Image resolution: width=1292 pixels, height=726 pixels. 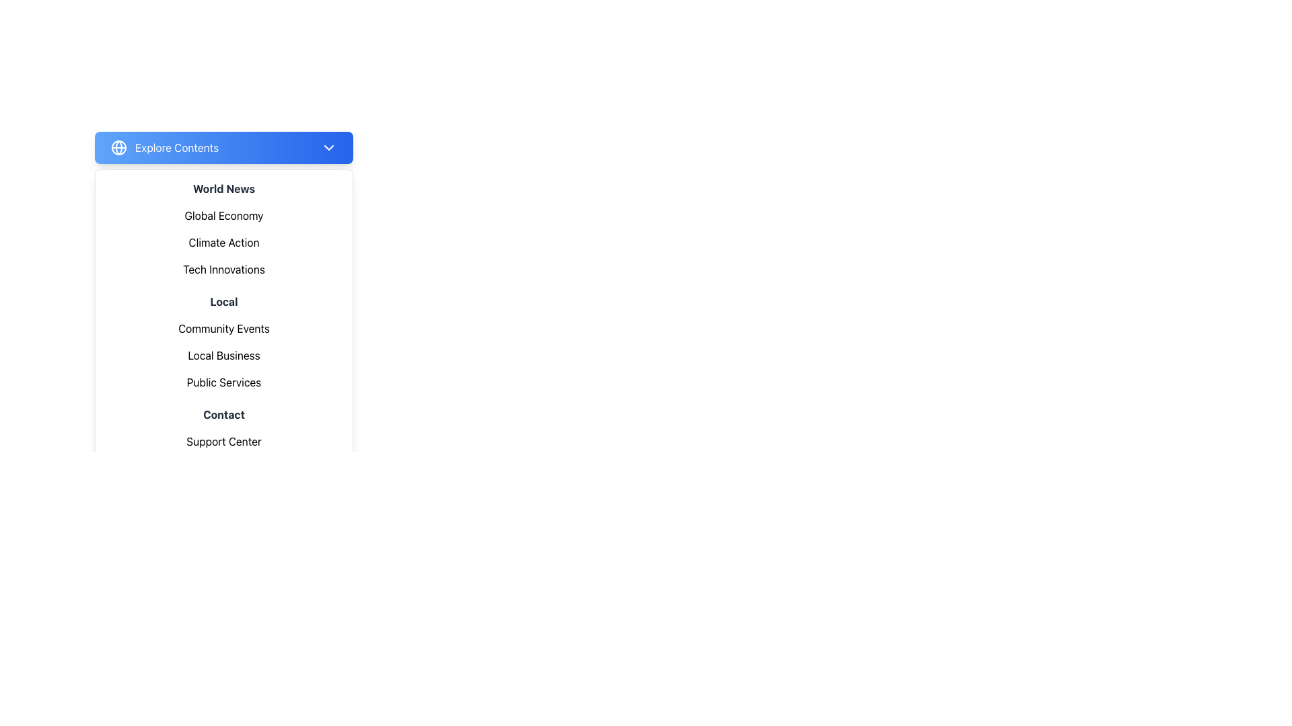 What do you see at coordinates (223, 441) in the screenshot?
I see `the first option in the 'Contact' section of the vertically-stacked menu panel` at bounding box center [223, 441].